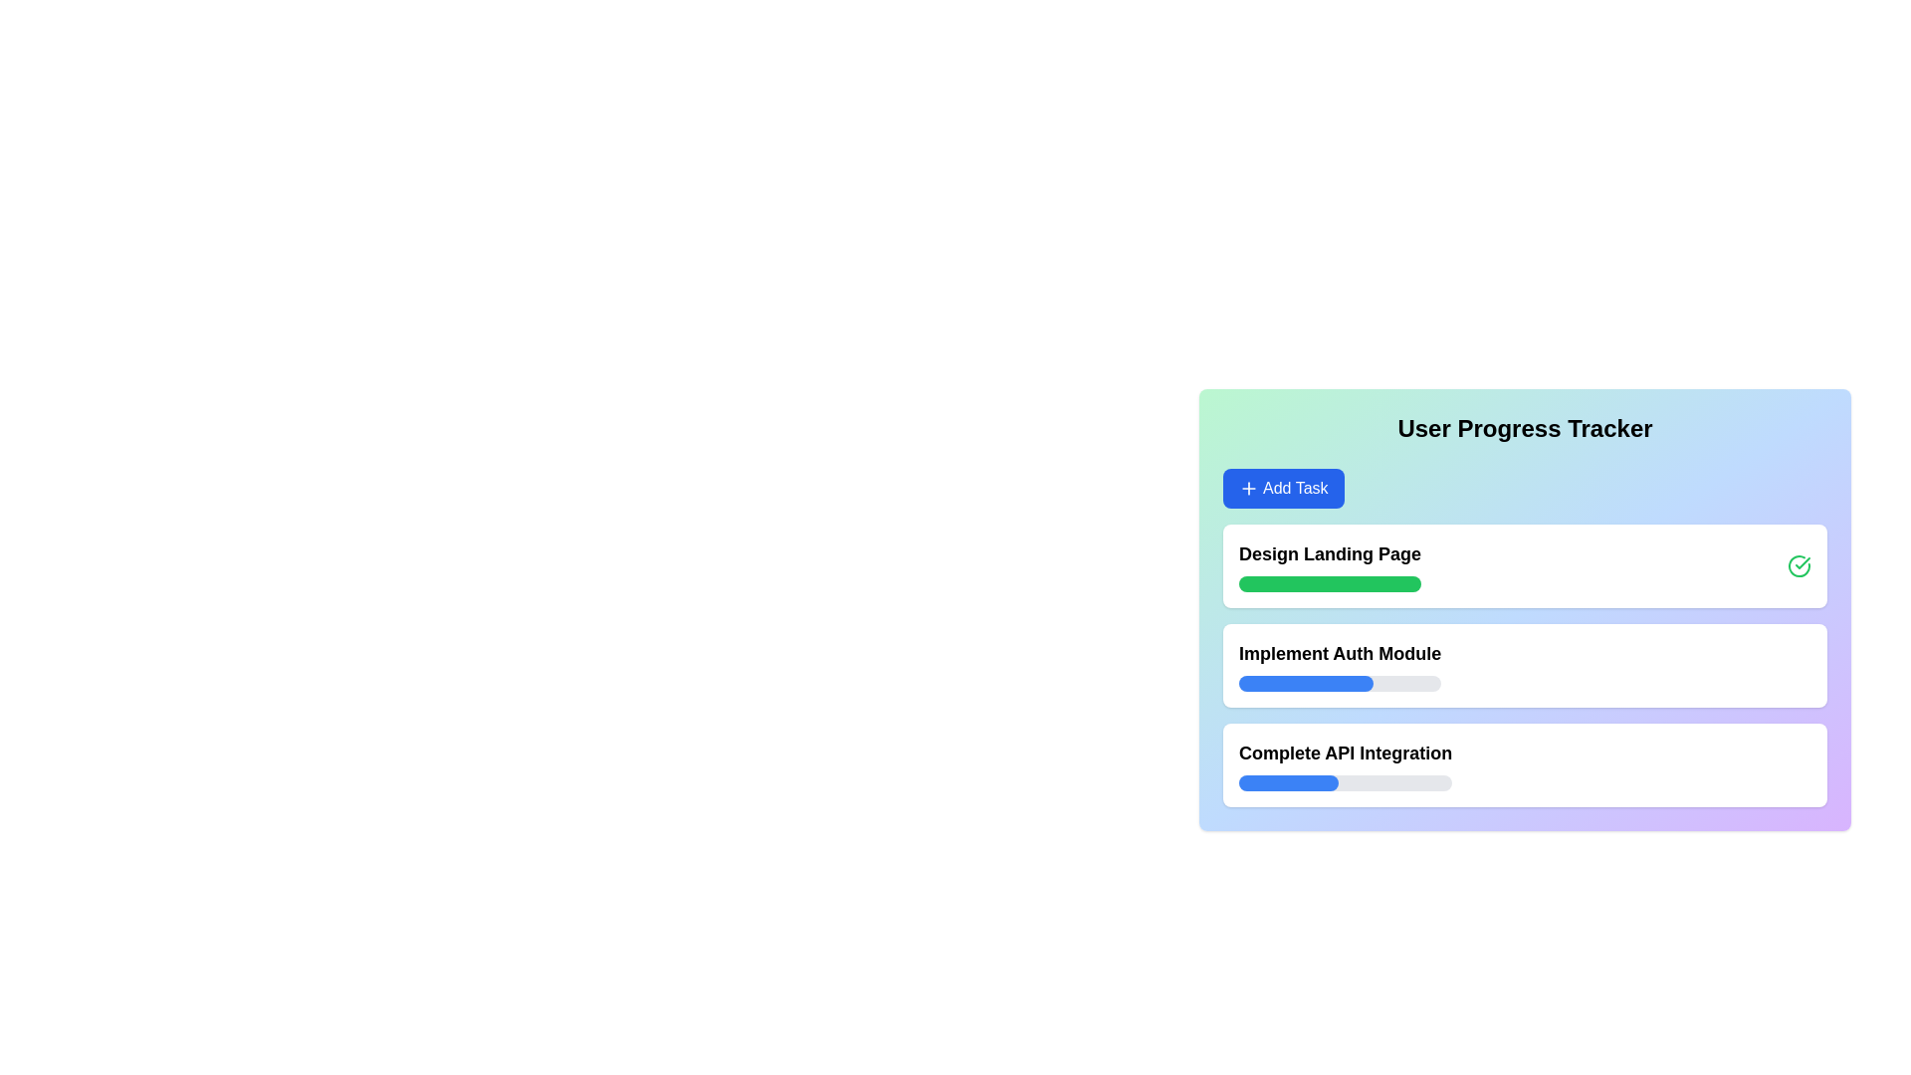 The height and width of the screenshot is (1075, 1911). I want to click on the blue 'Add Task' button with rounded corners, located below the 'User Progress Tracker' title, for accessibility navigation, so click(1283, 488).